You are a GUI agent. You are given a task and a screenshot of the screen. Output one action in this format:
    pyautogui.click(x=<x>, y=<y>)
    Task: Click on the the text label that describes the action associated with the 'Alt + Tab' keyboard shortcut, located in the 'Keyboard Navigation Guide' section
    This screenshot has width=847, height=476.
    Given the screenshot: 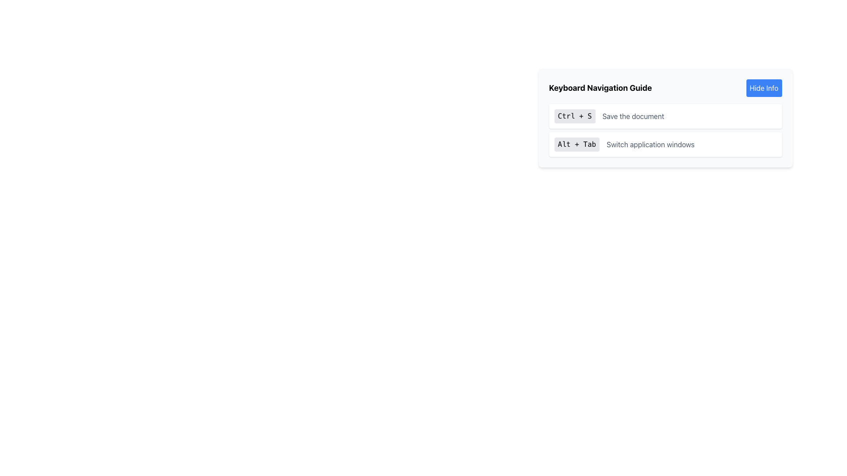 What is the action you would take?
    pyautogui.click(x=650, y=144)
    